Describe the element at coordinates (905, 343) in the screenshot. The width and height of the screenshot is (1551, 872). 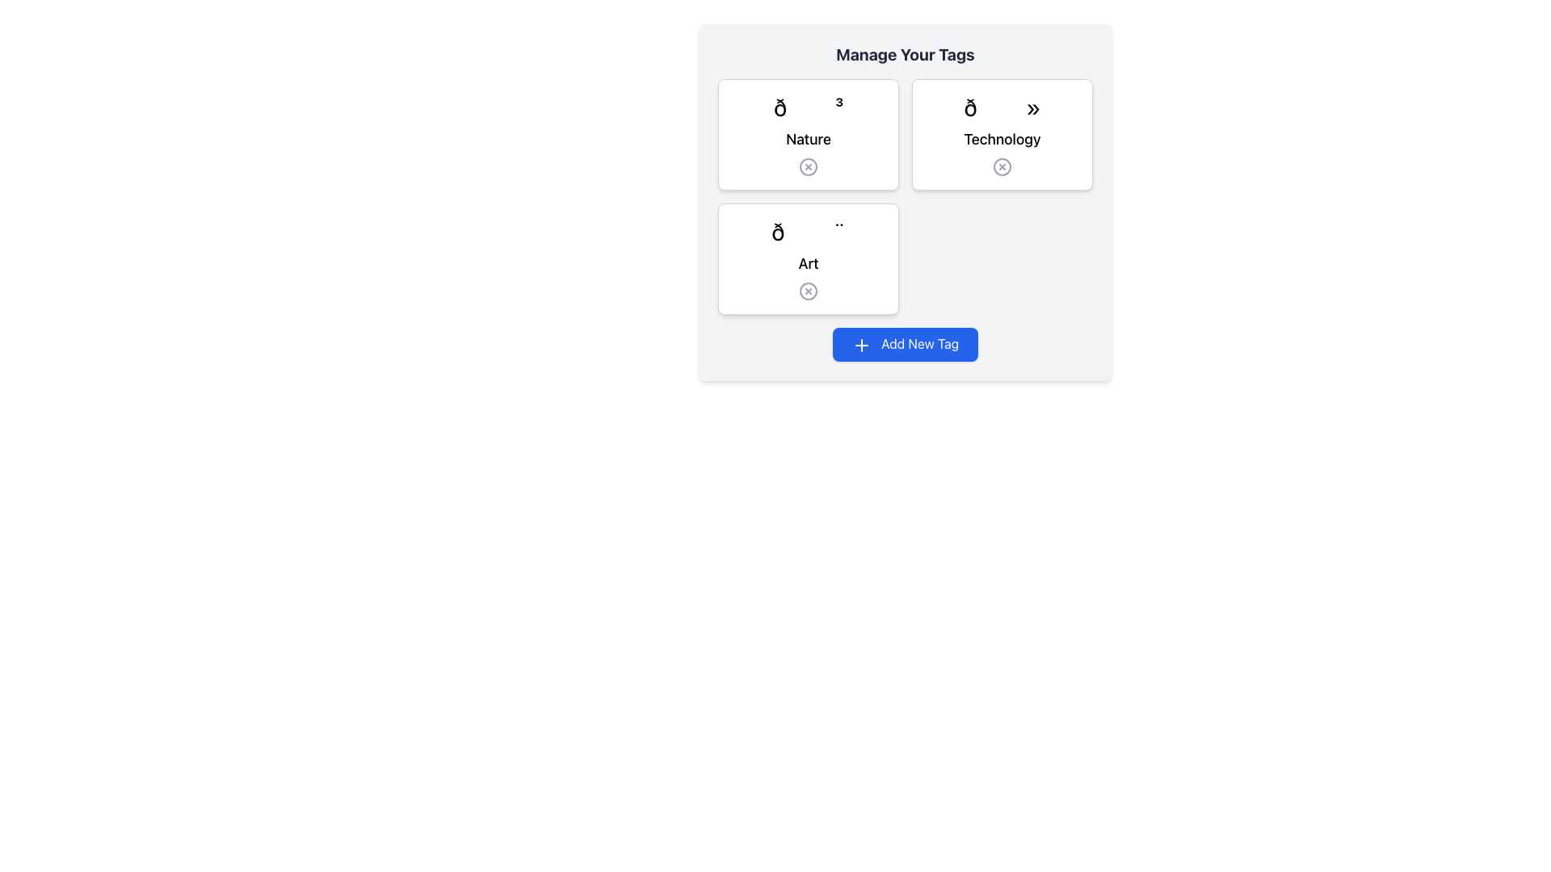
I see `the 'Add New Tag' button, which is a rectangular button with a blue background and white text located at the bottom-right corner of the interface, below the grid of tag cards` at that location.